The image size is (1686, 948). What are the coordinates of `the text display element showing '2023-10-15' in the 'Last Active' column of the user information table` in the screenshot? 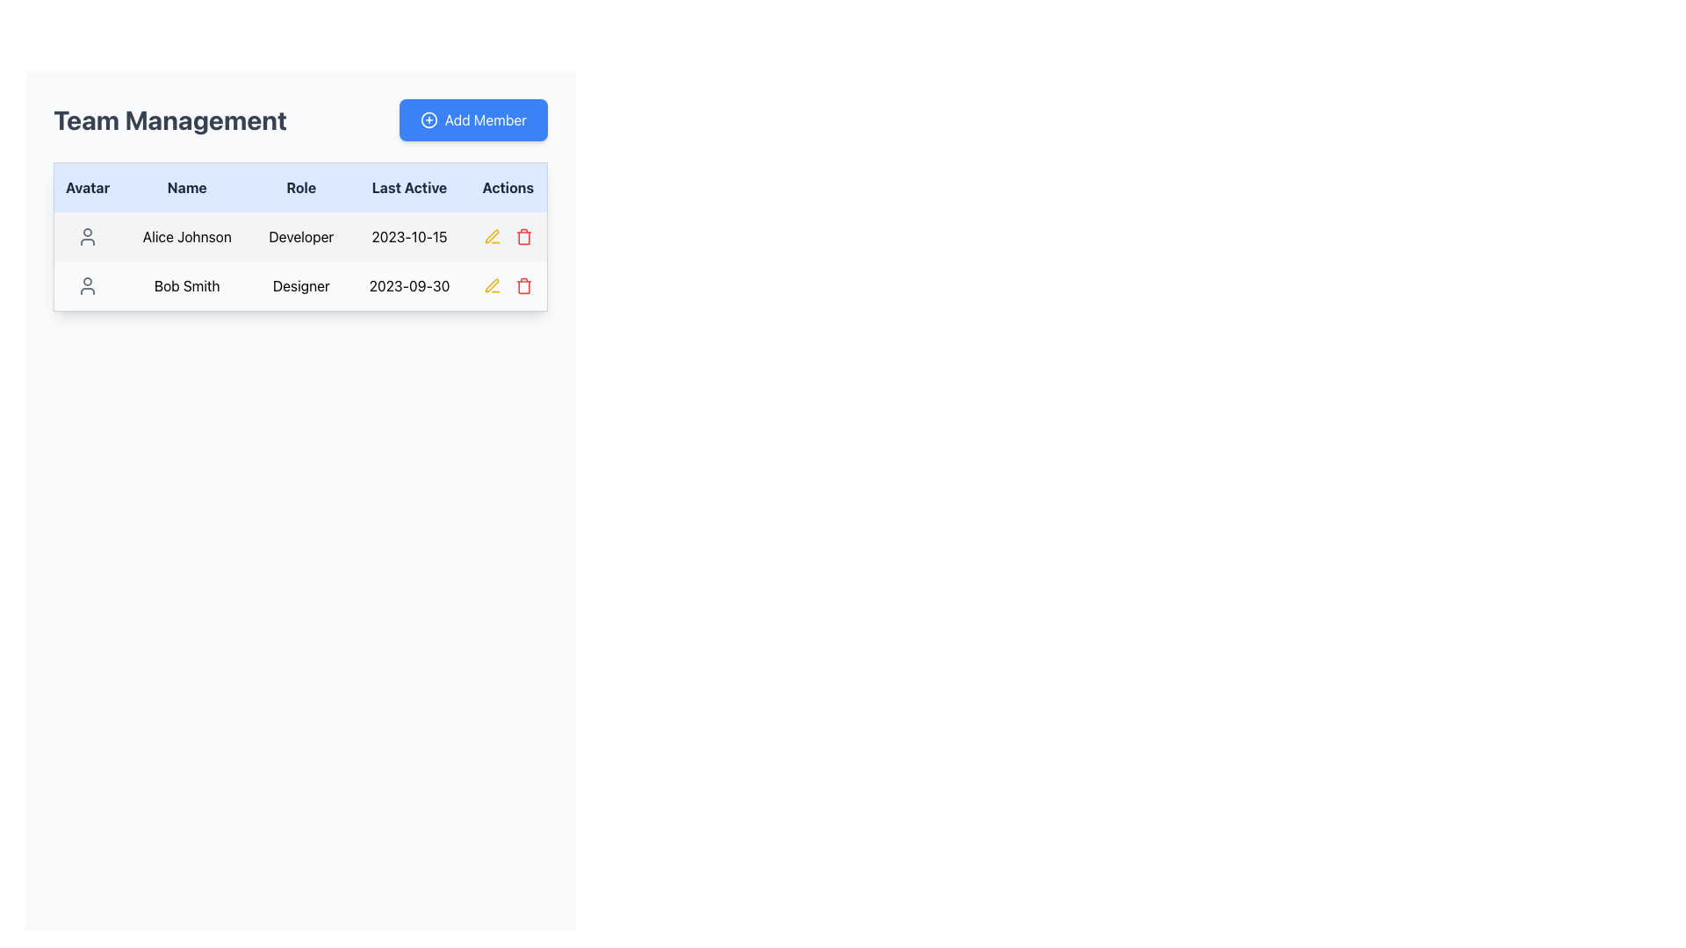 It's located at (408, 237).